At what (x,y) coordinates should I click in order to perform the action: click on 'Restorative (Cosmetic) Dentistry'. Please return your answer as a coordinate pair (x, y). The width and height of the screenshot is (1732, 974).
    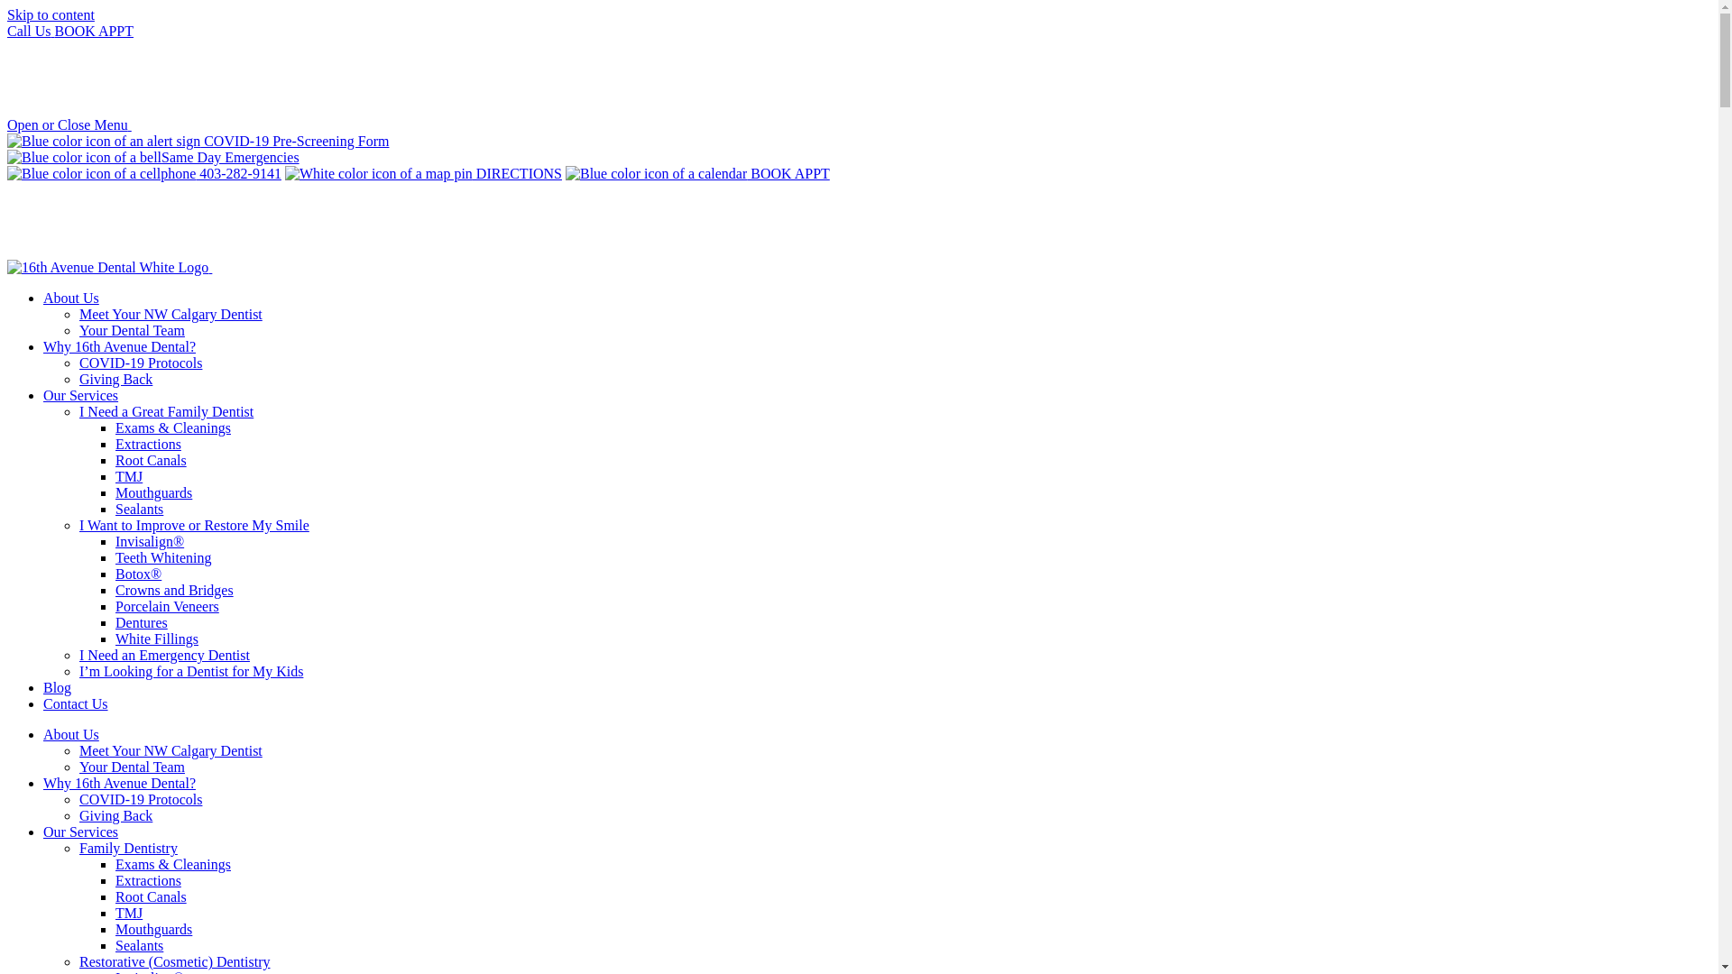
    Looking at the image, I should click on (174, 960).